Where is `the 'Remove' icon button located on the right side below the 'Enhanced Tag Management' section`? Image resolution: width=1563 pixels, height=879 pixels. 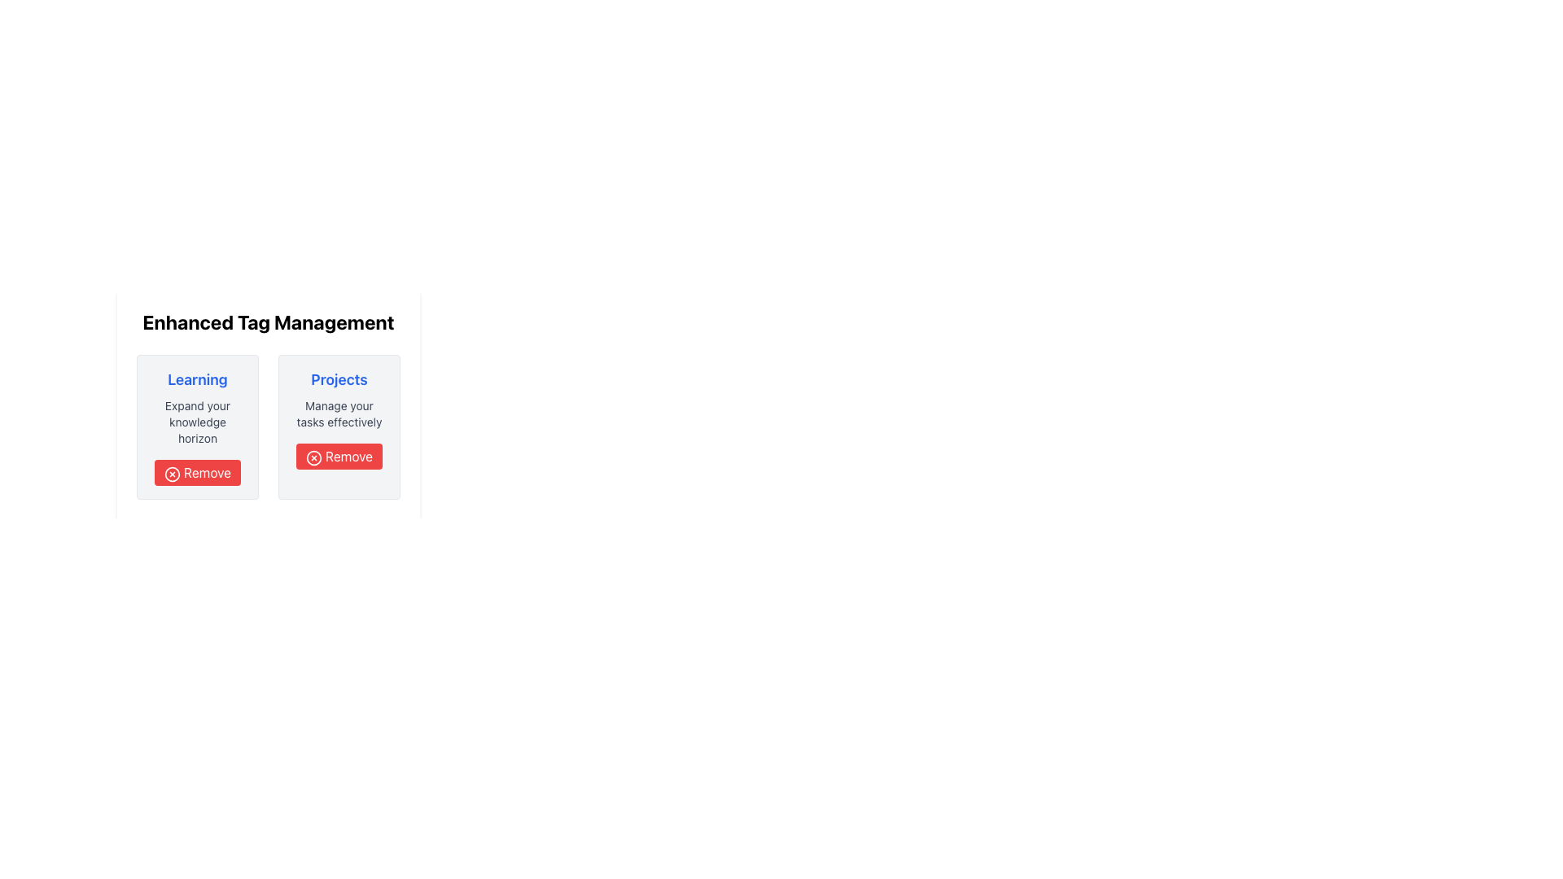
the 'Remove' icon button located on the right side below the 'Enhanced Tag Management' section is located at coordinates (313, 457).